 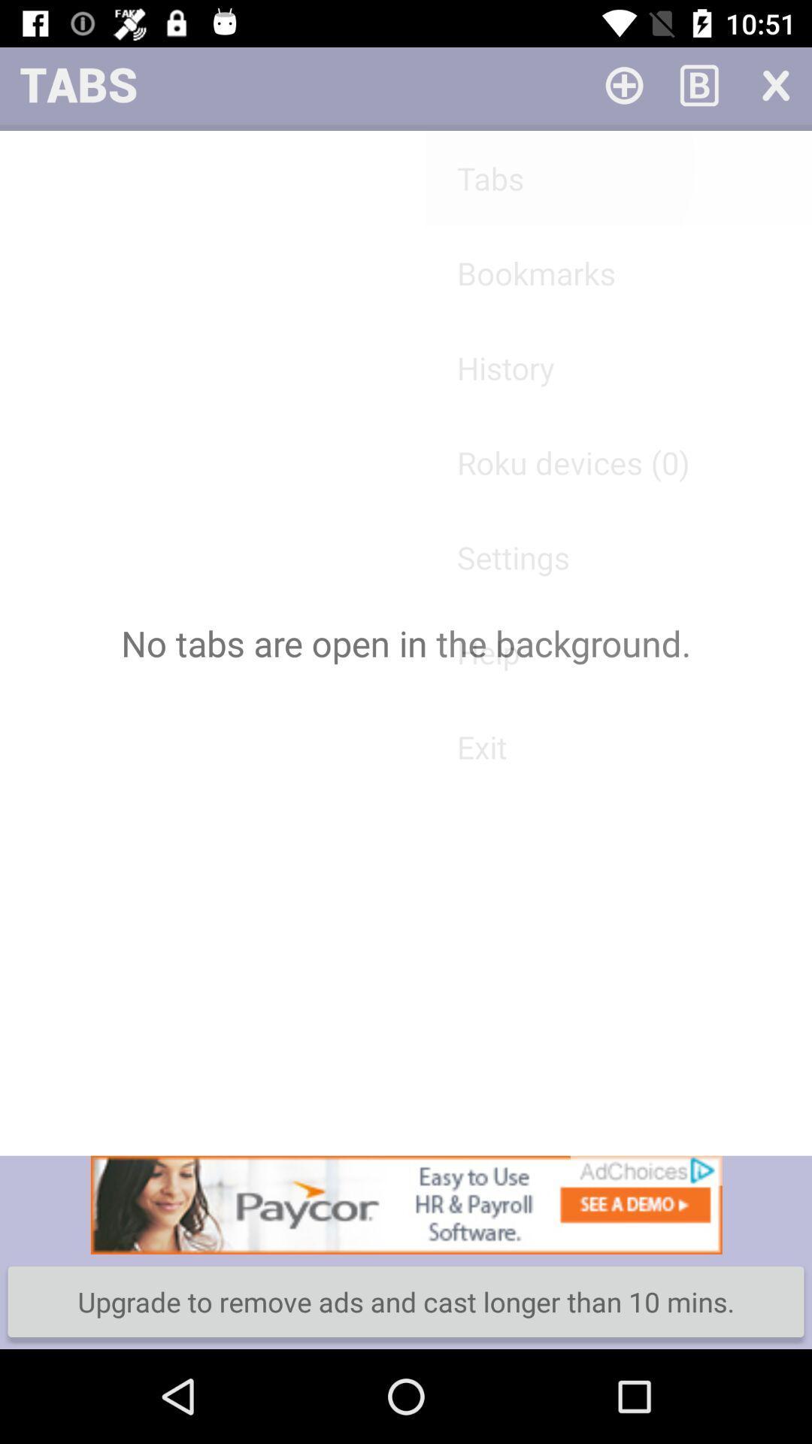 I want to click on advertisement for paycor software, so click(x=406, y=1205).